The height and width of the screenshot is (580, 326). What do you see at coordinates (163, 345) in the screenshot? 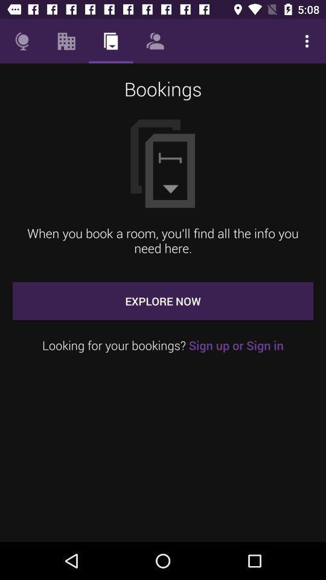
I see `icon below the explore now icon` at bounding box center [163, 345].